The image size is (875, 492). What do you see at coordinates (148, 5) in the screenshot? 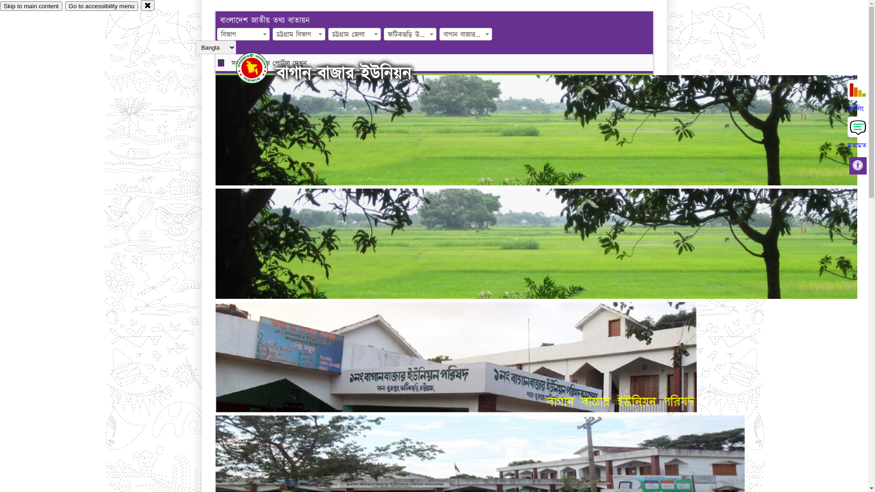
I see `'close'` at bounding box center [148, 5].